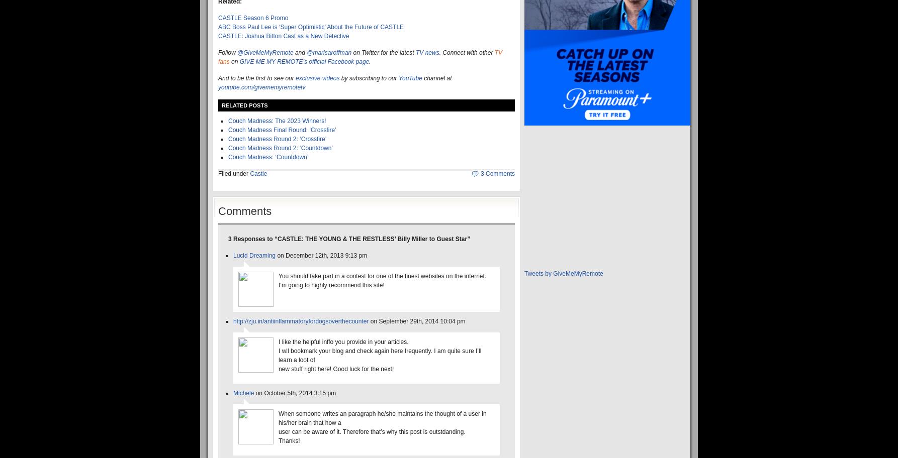 This screenshot has height=458, width=898. I want to click on 'ABC Boss Paul Lee is ‘Super Optimistic’ About the Future of CASTLE', so click(218, 26).